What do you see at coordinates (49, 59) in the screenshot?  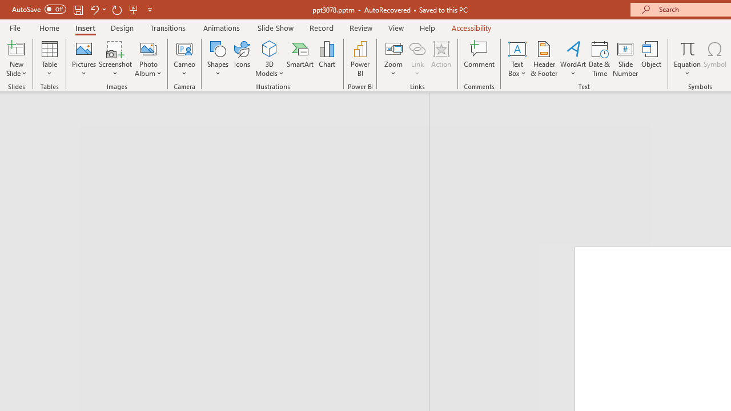 I see `'Table'` at bounding box center [49, 59].